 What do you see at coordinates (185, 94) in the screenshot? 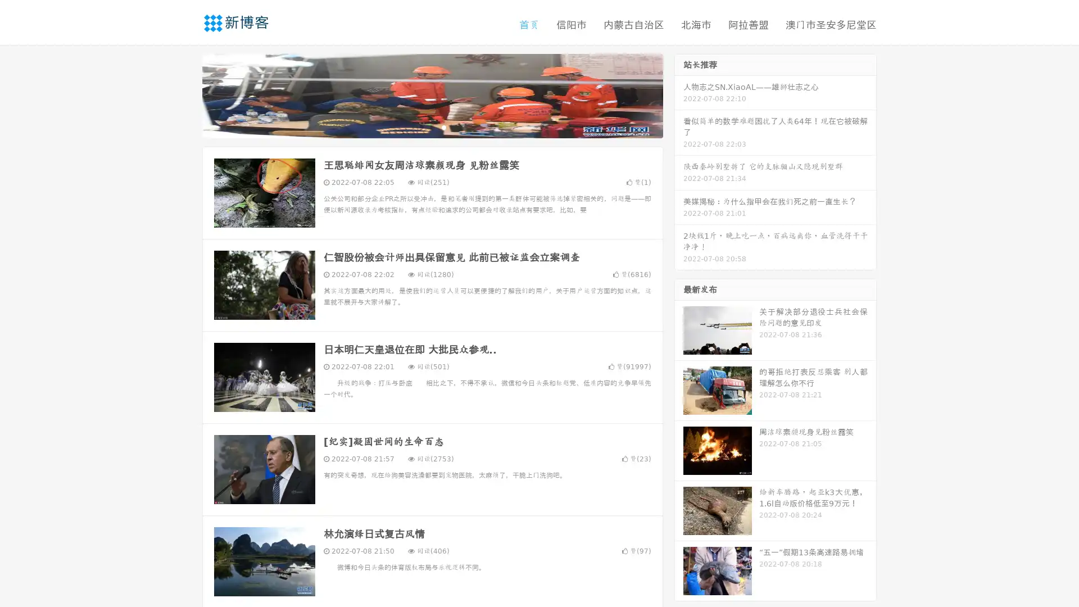
I see `Previous slide` at bounding box center [185, 94].